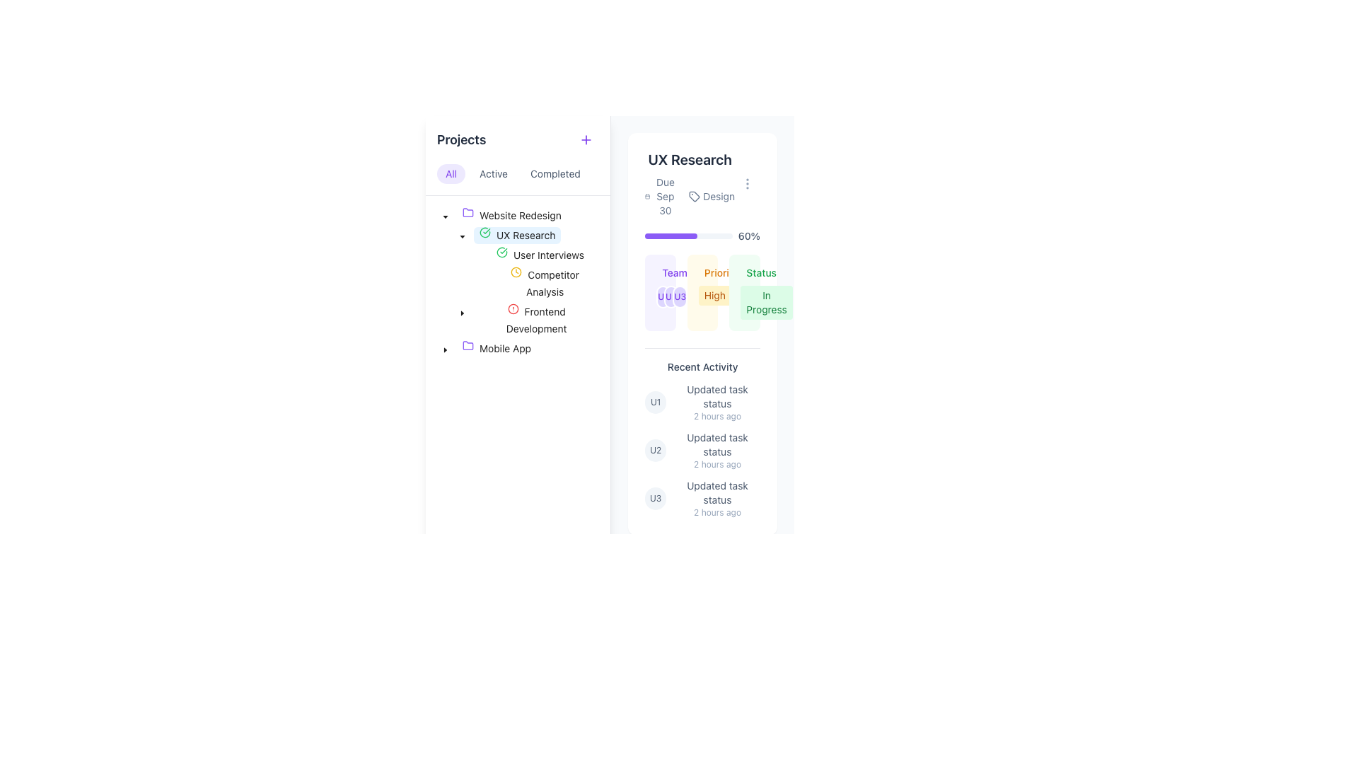  I want to click on details of the highlighted recent activity entry identified by 'U2' with the text 'Updated task status' and timestamp '2 hours ago', so click(702, 450).